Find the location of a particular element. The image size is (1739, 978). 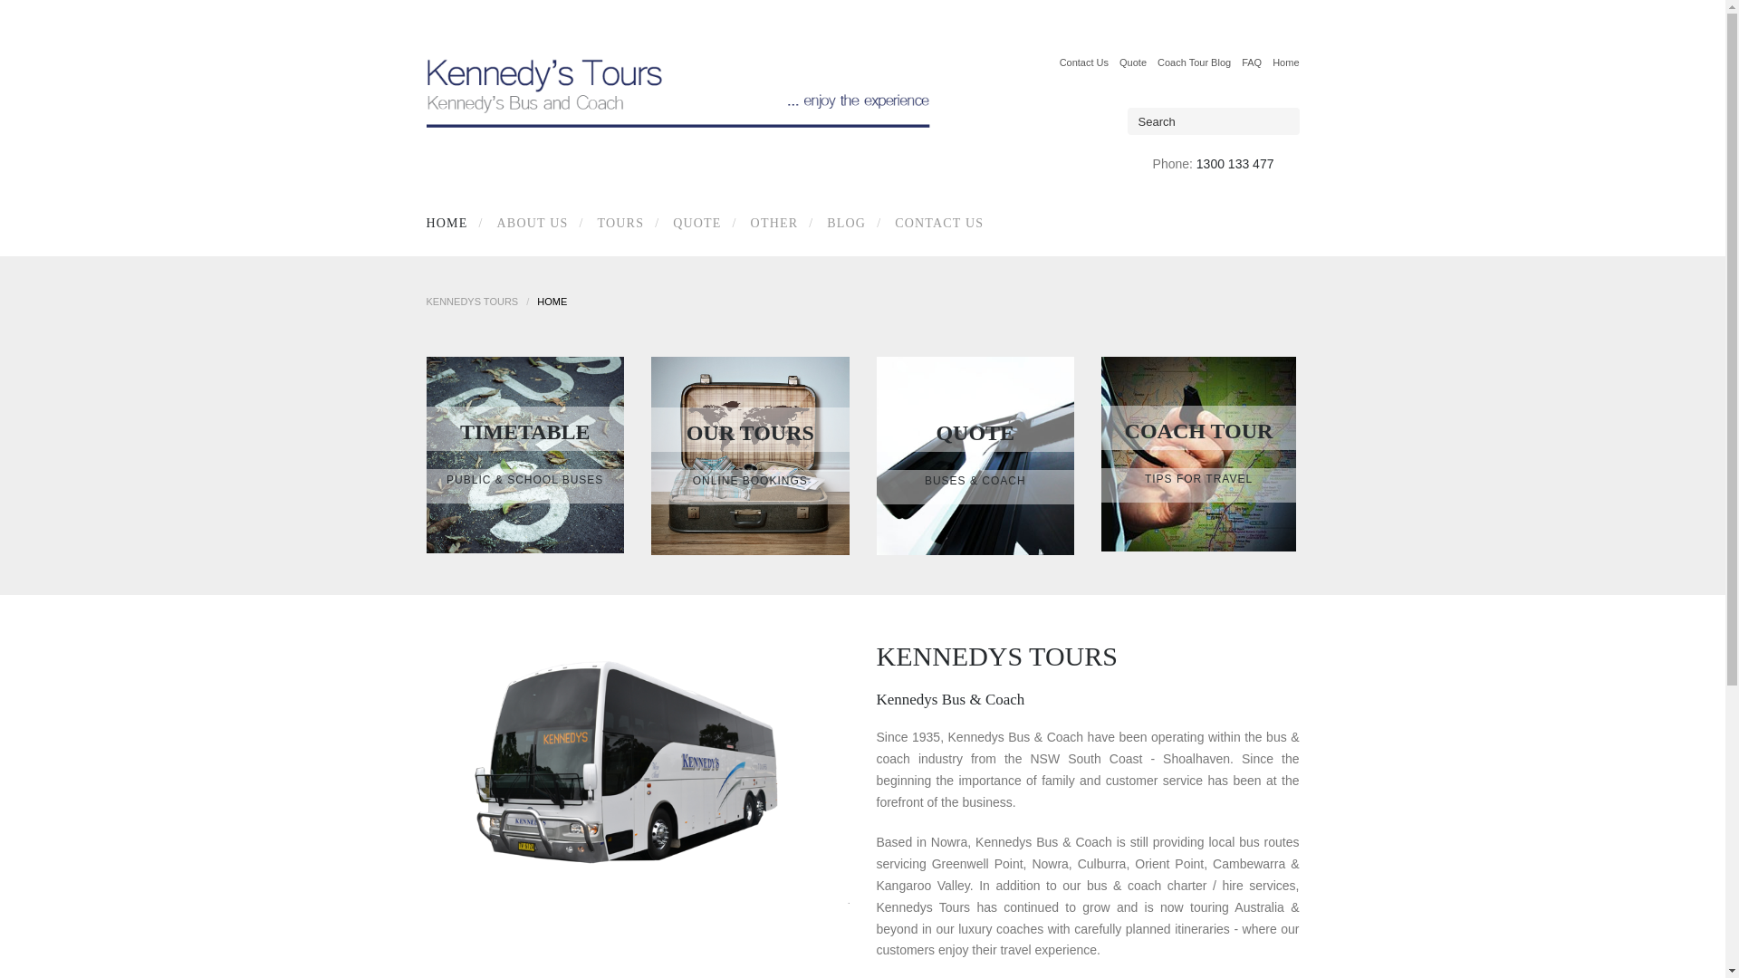

'Coach Tour Blog' is located at coordinates (1194, 62).